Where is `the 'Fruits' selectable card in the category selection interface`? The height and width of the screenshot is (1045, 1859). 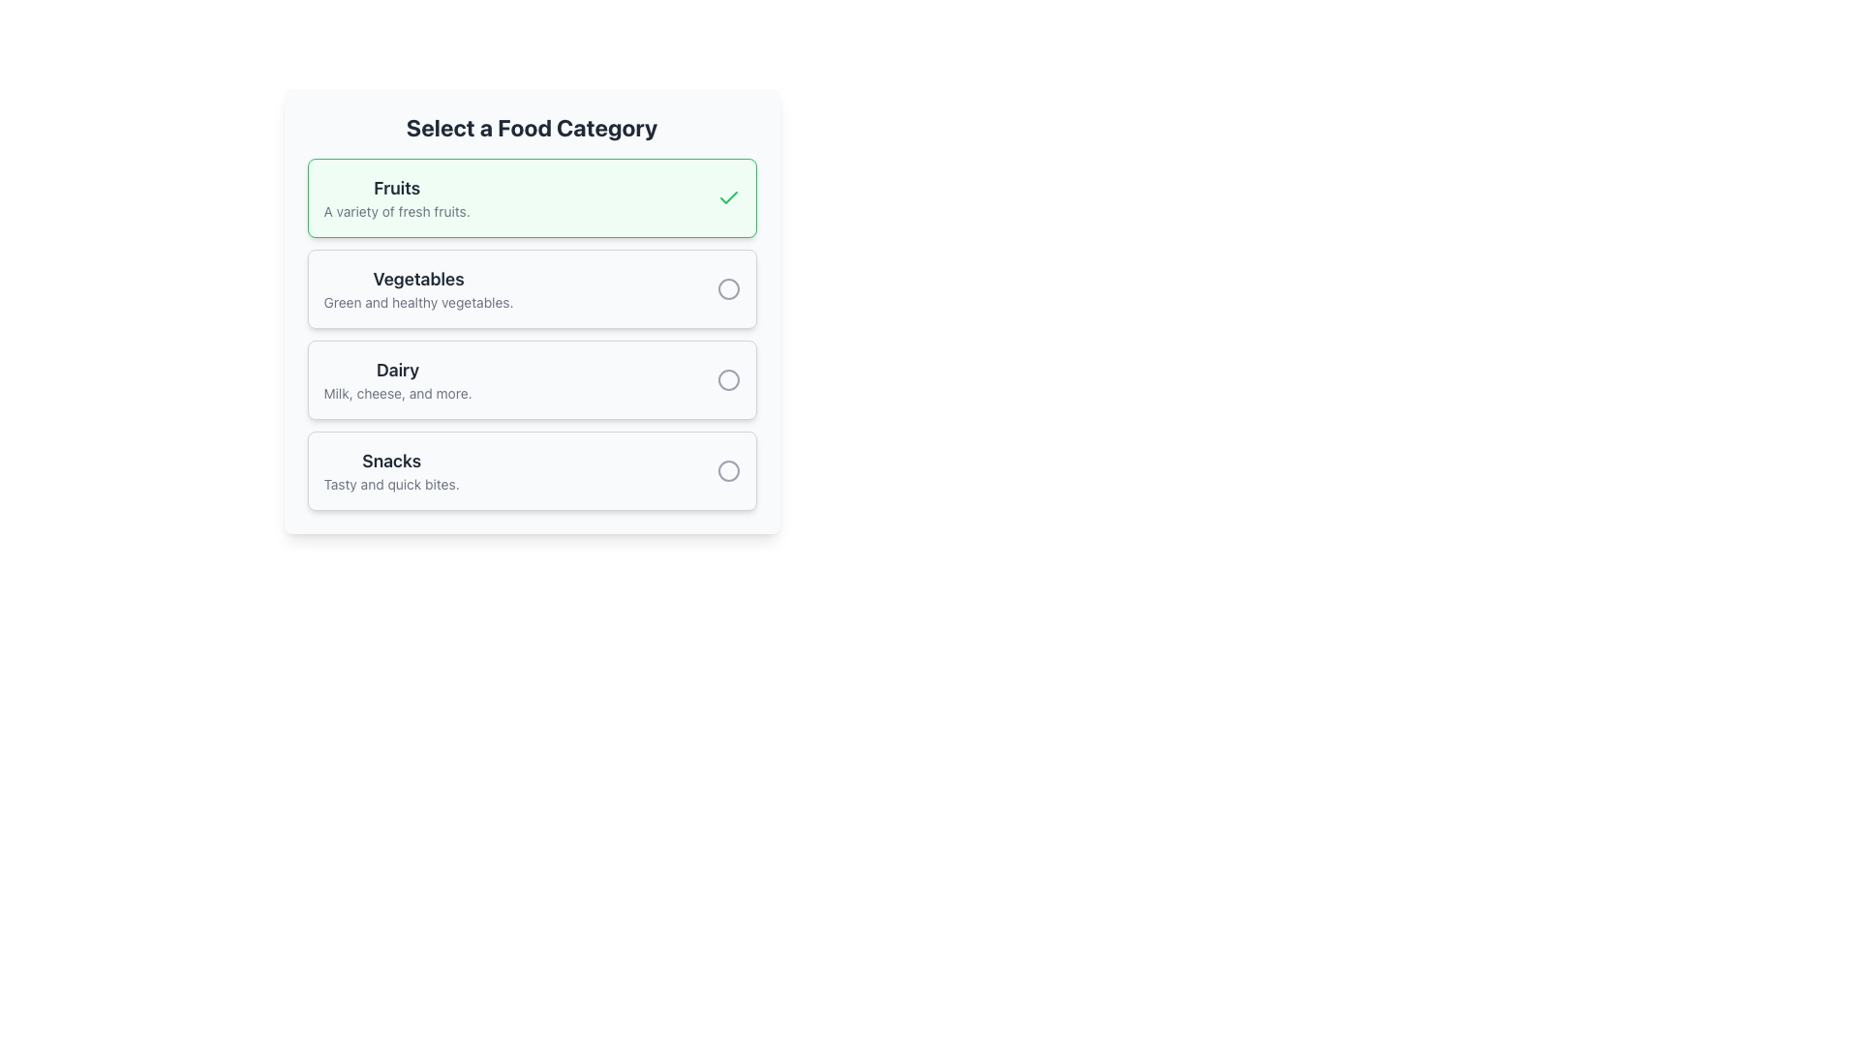 the 'Fruits' selectable card in the category selection interface is located at coordinates (532, 197).